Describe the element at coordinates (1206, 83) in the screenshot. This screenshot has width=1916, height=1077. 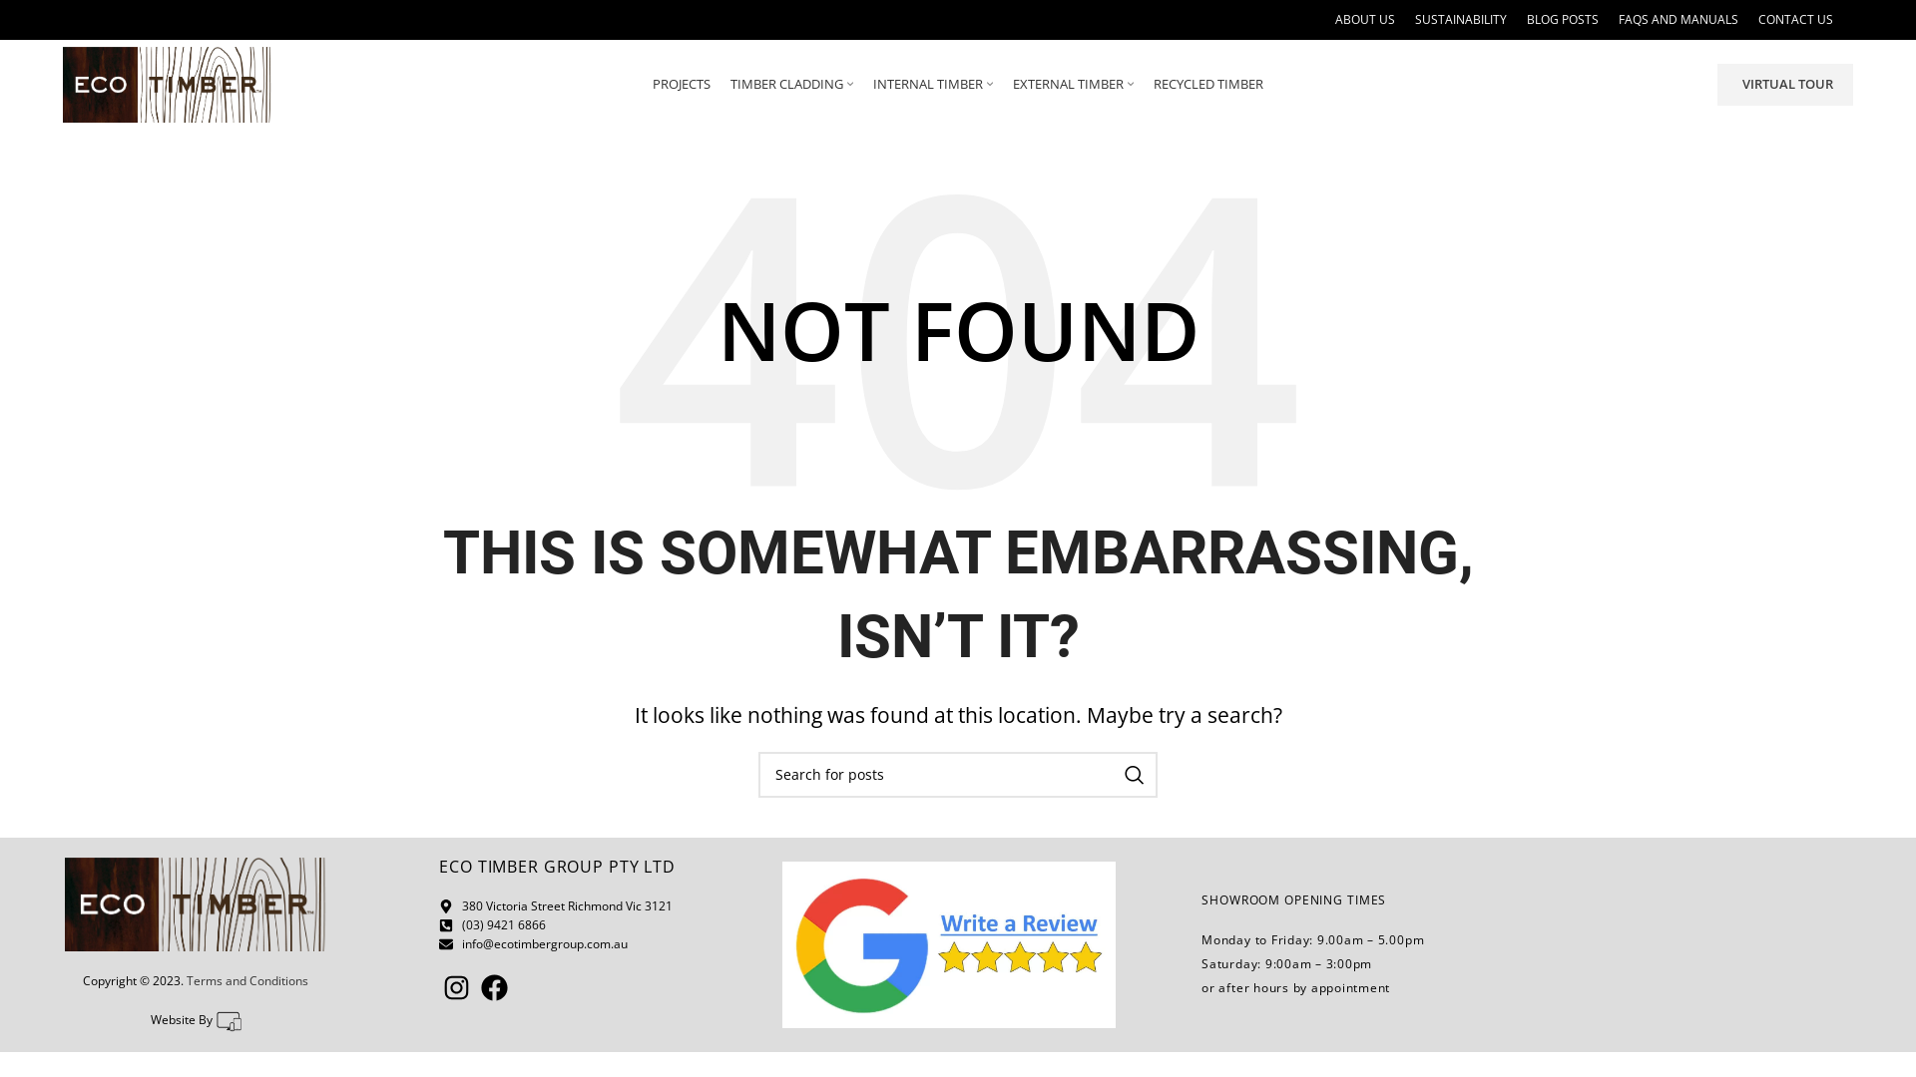
I see `'RECYCLED TIMBER'` at that location.